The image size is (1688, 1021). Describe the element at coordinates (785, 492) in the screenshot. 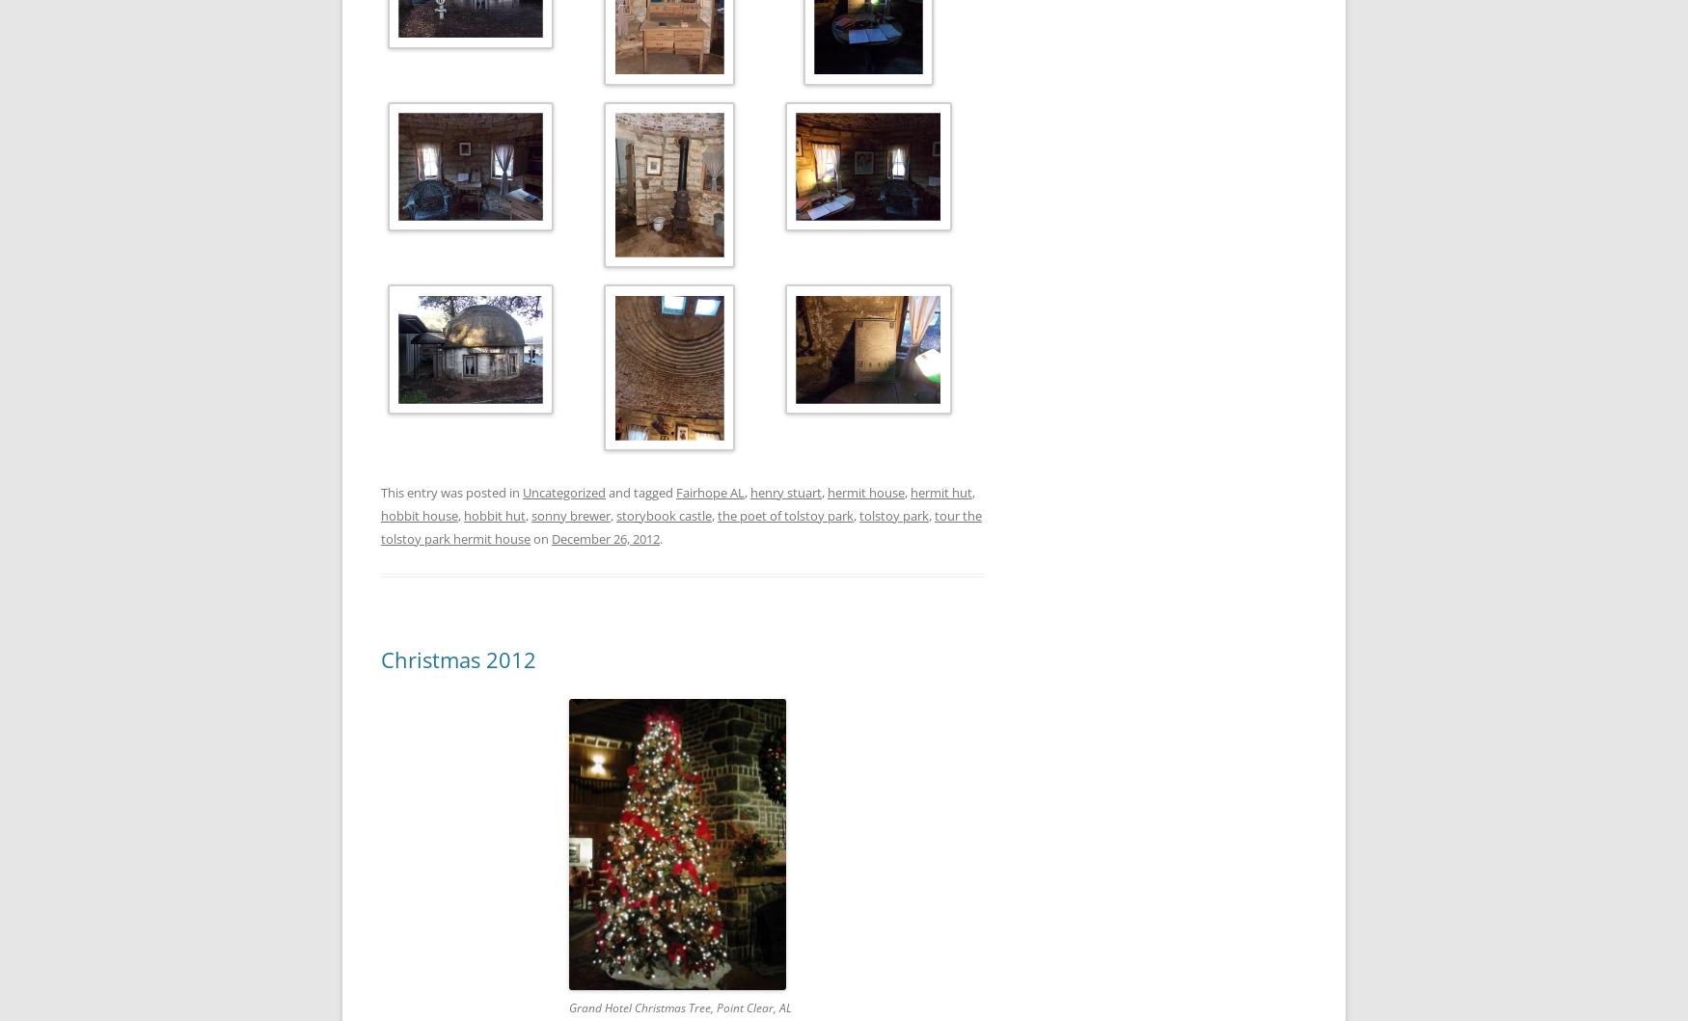

I see `'henry stuart'` at that location.